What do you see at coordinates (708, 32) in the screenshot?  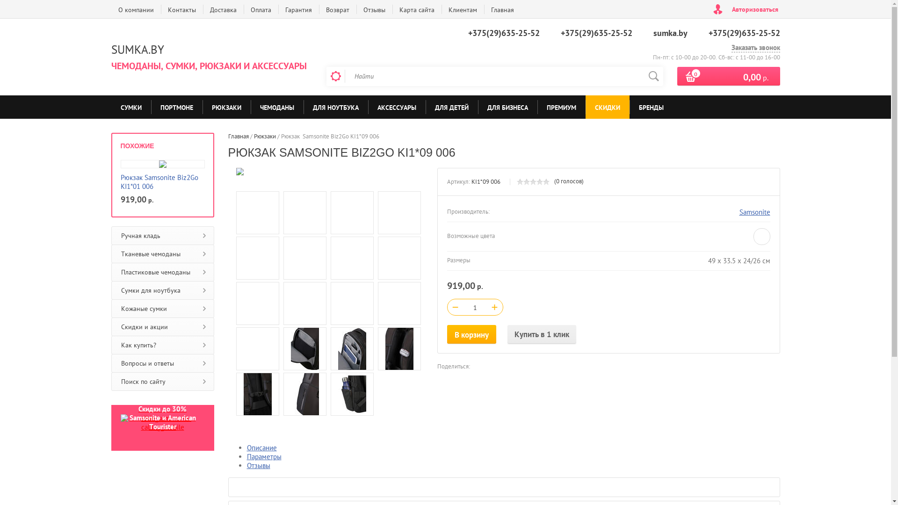 I see `'+375(29)635-25-52'` at bounding box center [708, 32].